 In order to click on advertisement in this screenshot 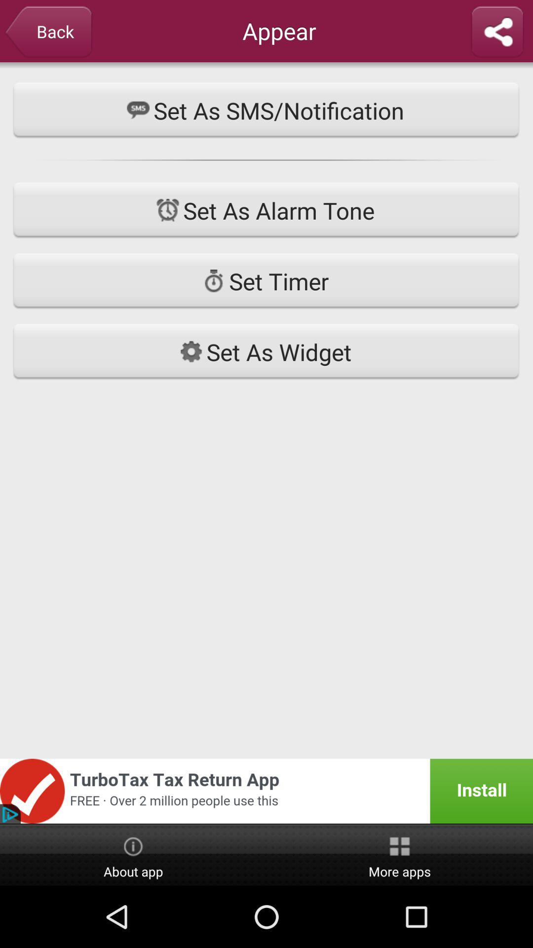, I will do `click(266, 791)`.